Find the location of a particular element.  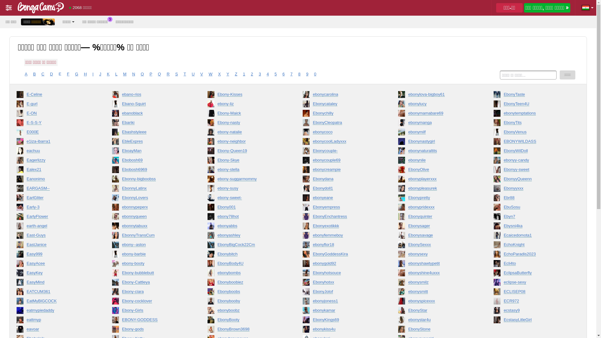

'ebonyeane' is located at coordinates (341, 199).